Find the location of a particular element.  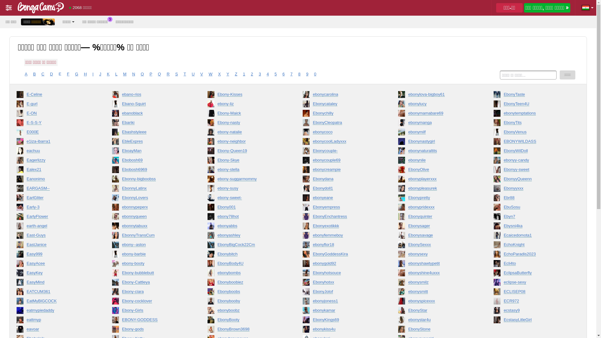

'ebonyeane' is located at coordinates (341, 199).